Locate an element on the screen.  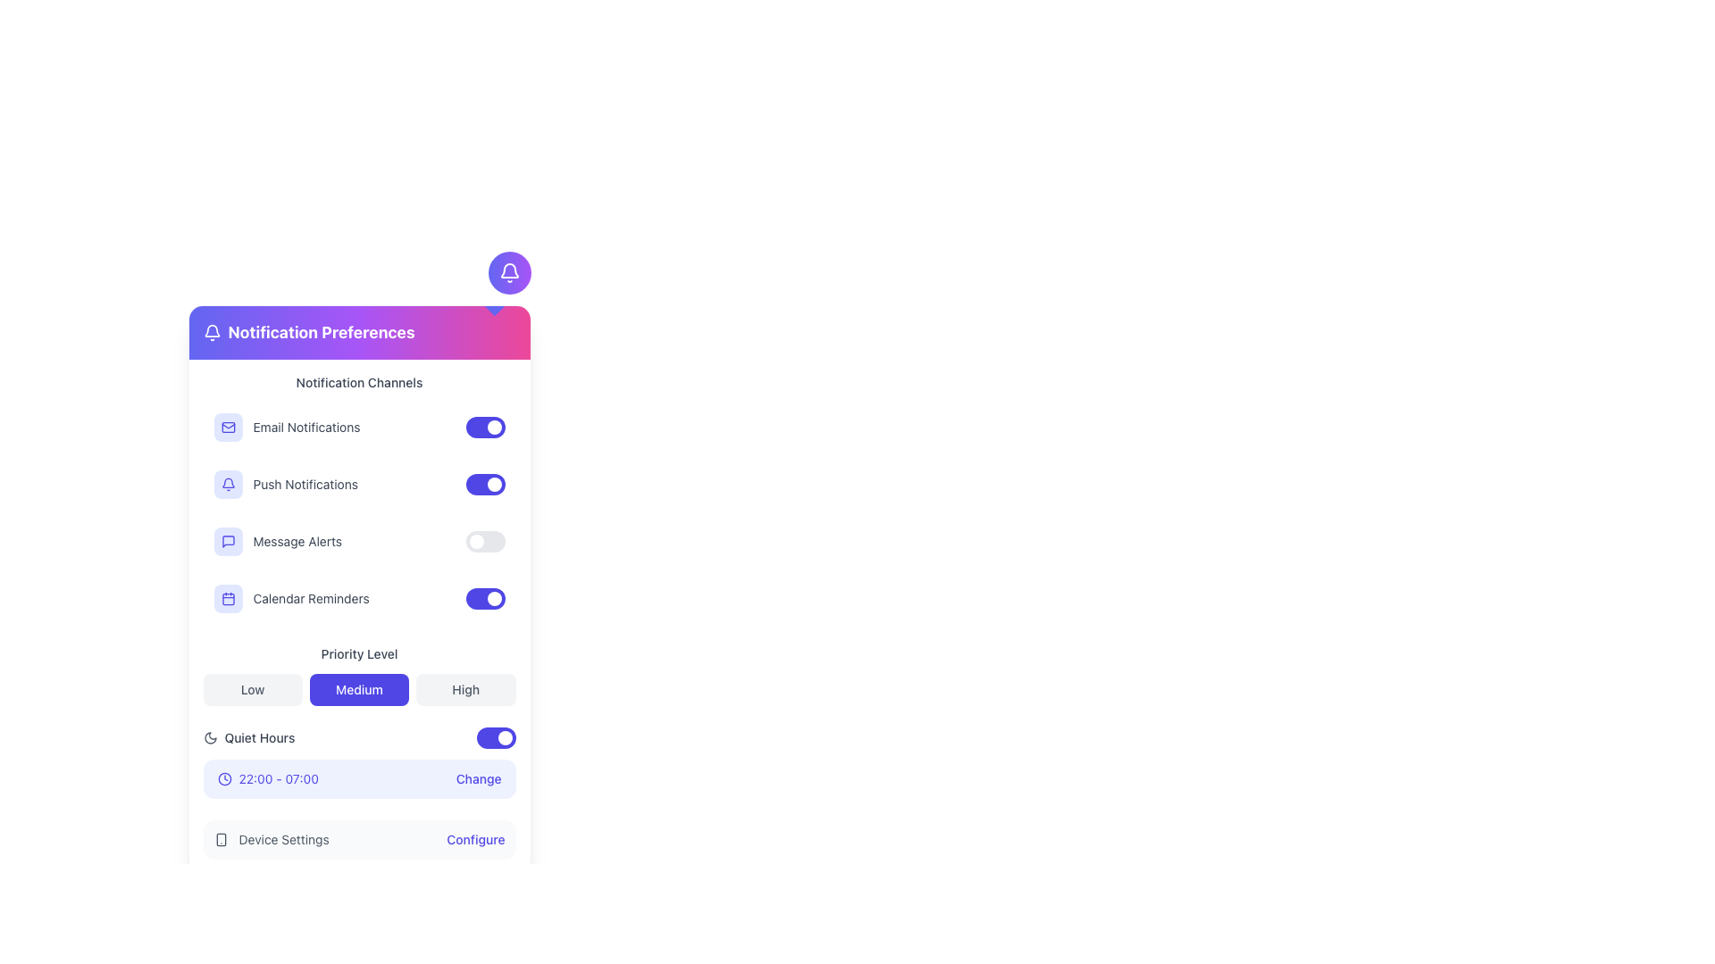
the rounded rectangular button with a light indigo background and a calendar icon, located in the second row of options in the 'Notification Channels' section of the 'Notification Preferences' panel, to trigger a tooltip is located at coordinates (227, 599).